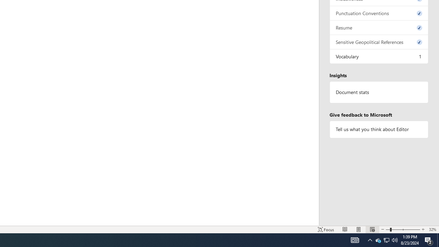 Image resolution: width=439 pixels, height=247 pixels. What do you see at coordinates (379, 56) in the screenshot?
I see `'Vocabulary, 1 issue. Press space or enter to review items.'` at bounding box center [379, 56].